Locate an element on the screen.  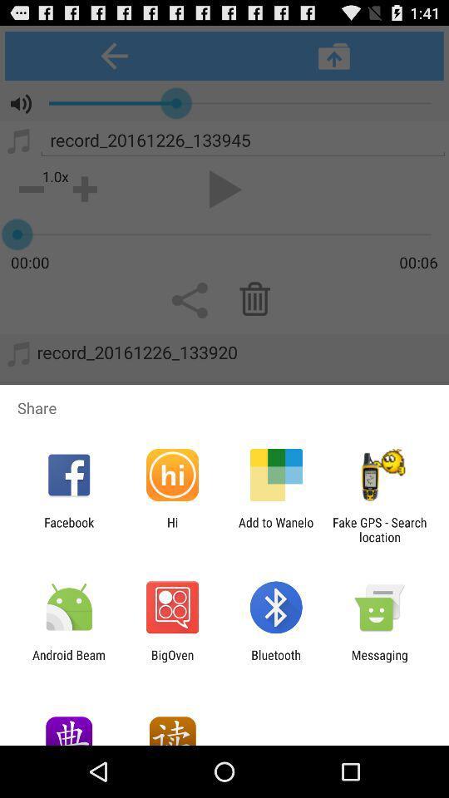
the icon next to the bigoven icon is located at coordinates (68, 662).